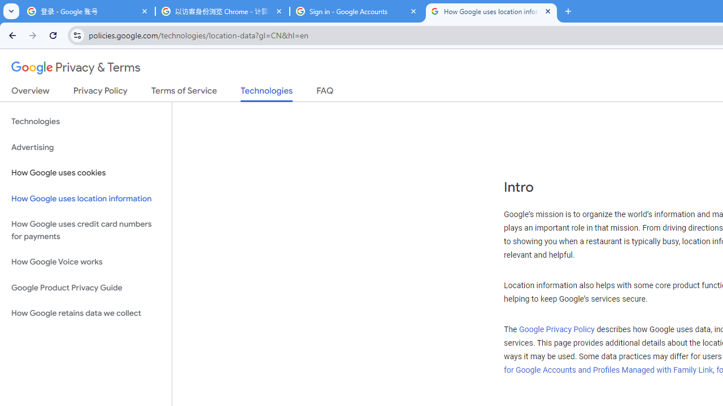 This screenshot has height=406, width=723. What do you see at coordinates (556, 329) in the screenshot?
I see `'Google Privacy Policy'` at bounding box center [556, 329].